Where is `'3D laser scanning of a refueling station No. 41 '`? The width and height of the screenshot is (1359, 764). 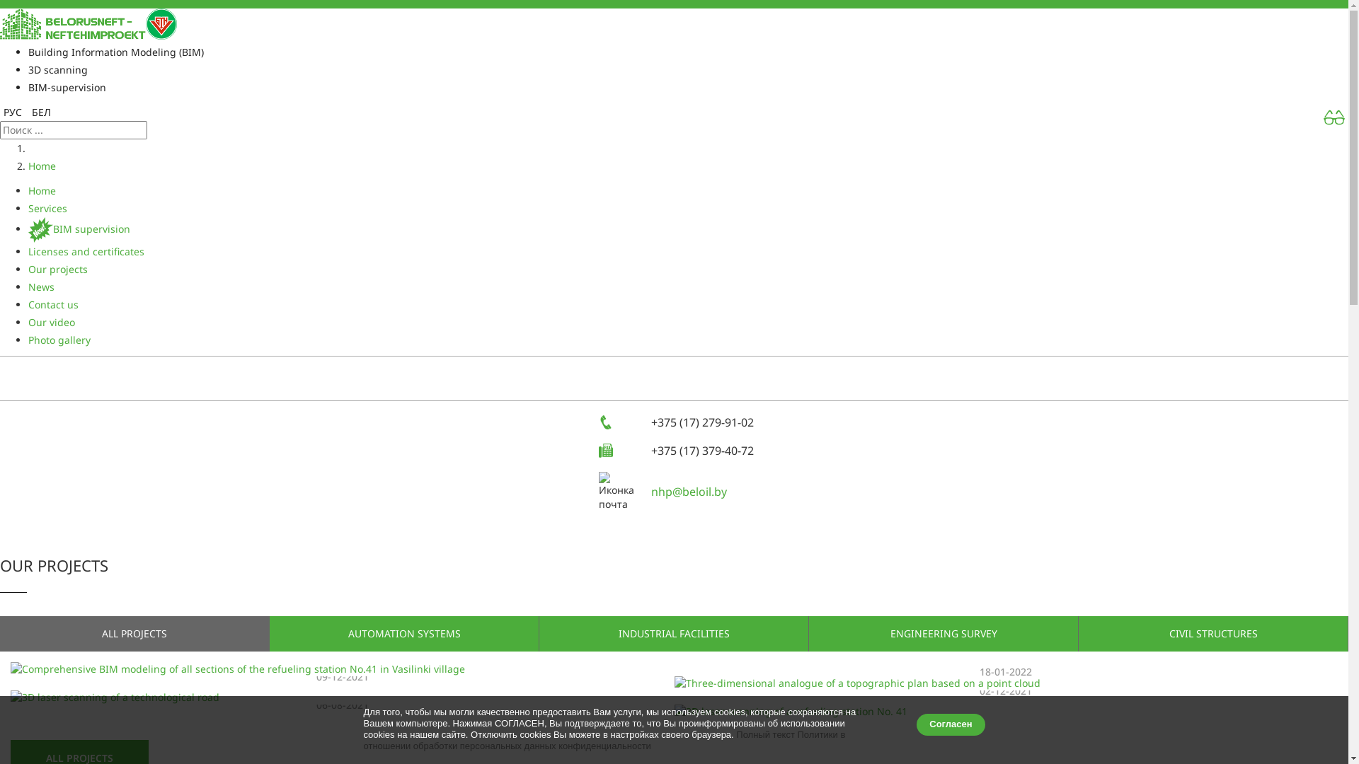
'3D laser scanning of a refueling station No. 41 ' is located at coordinates (1004, 712).